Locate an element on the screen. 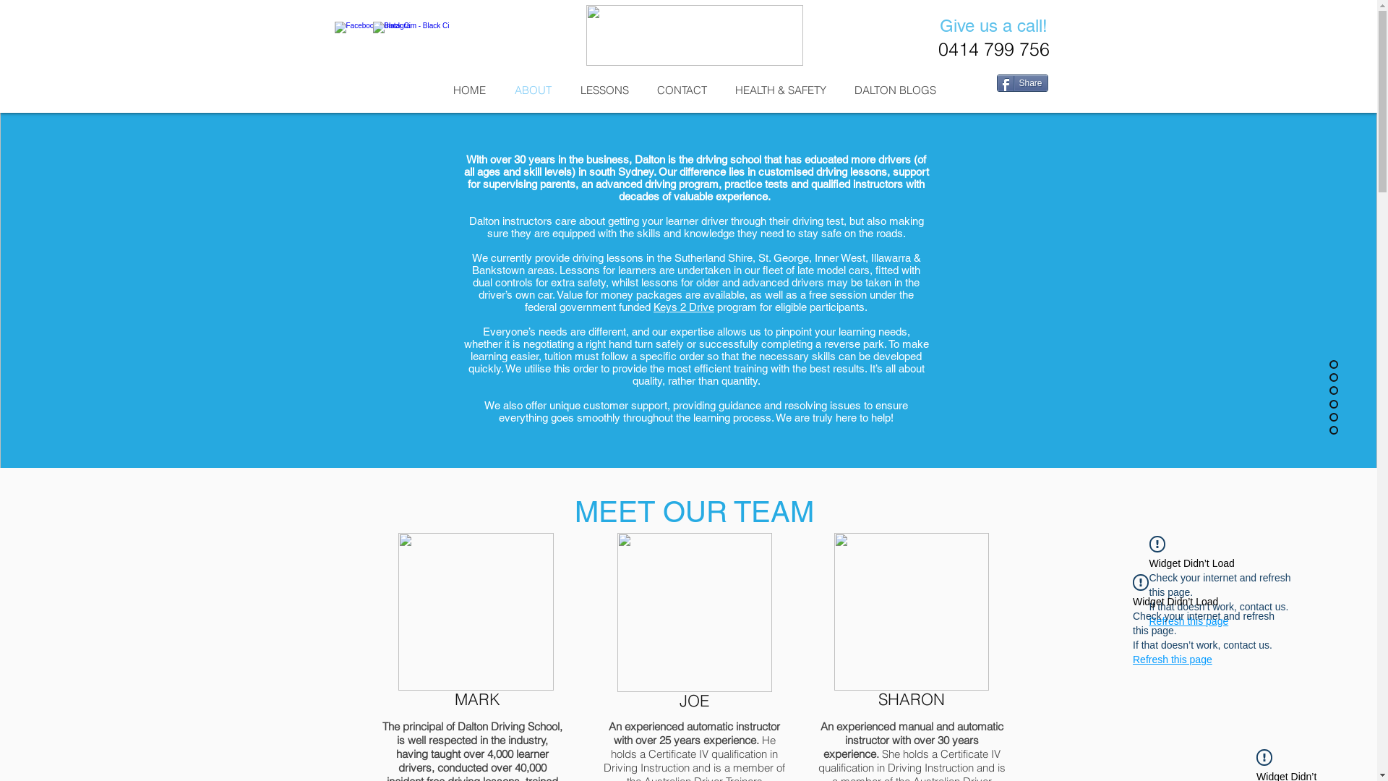 This screenshot has width=1388, height=781. 'Keys 2 Drive' is located at coordinates (682, 306).